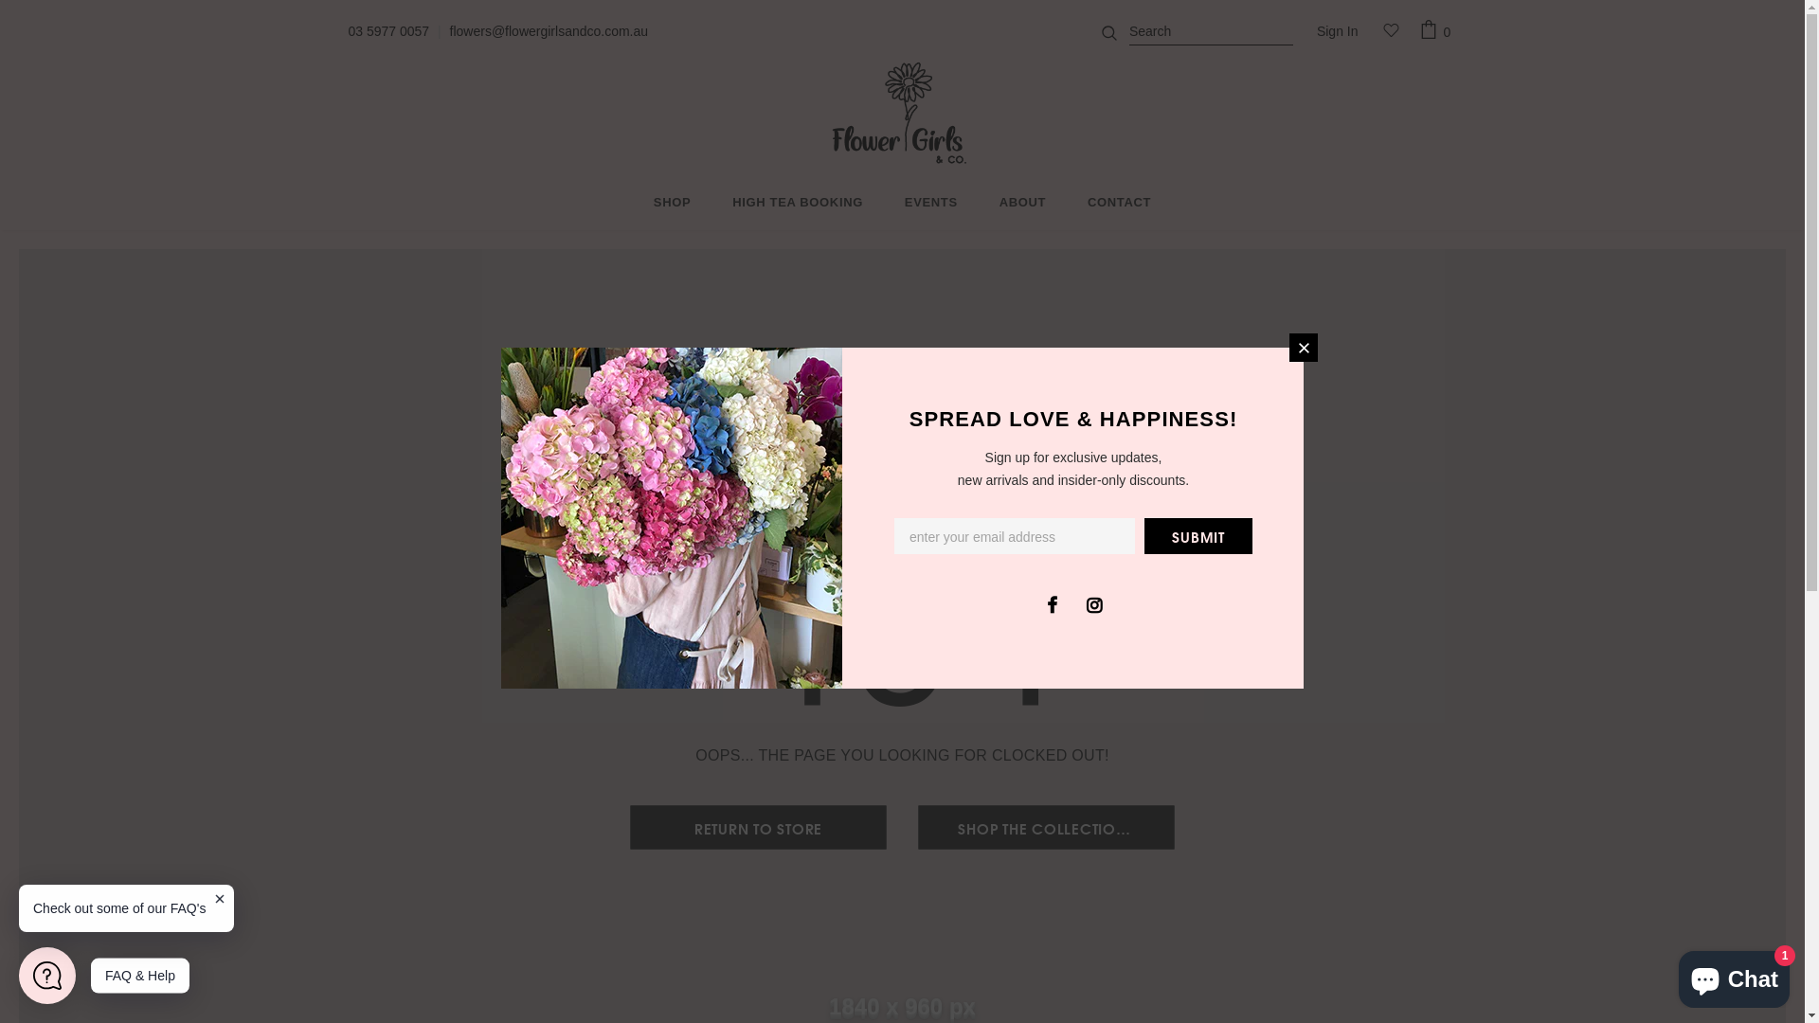 The image size is (1819, 1023). I want to click on 'ABOUT', so click(1021, 205).